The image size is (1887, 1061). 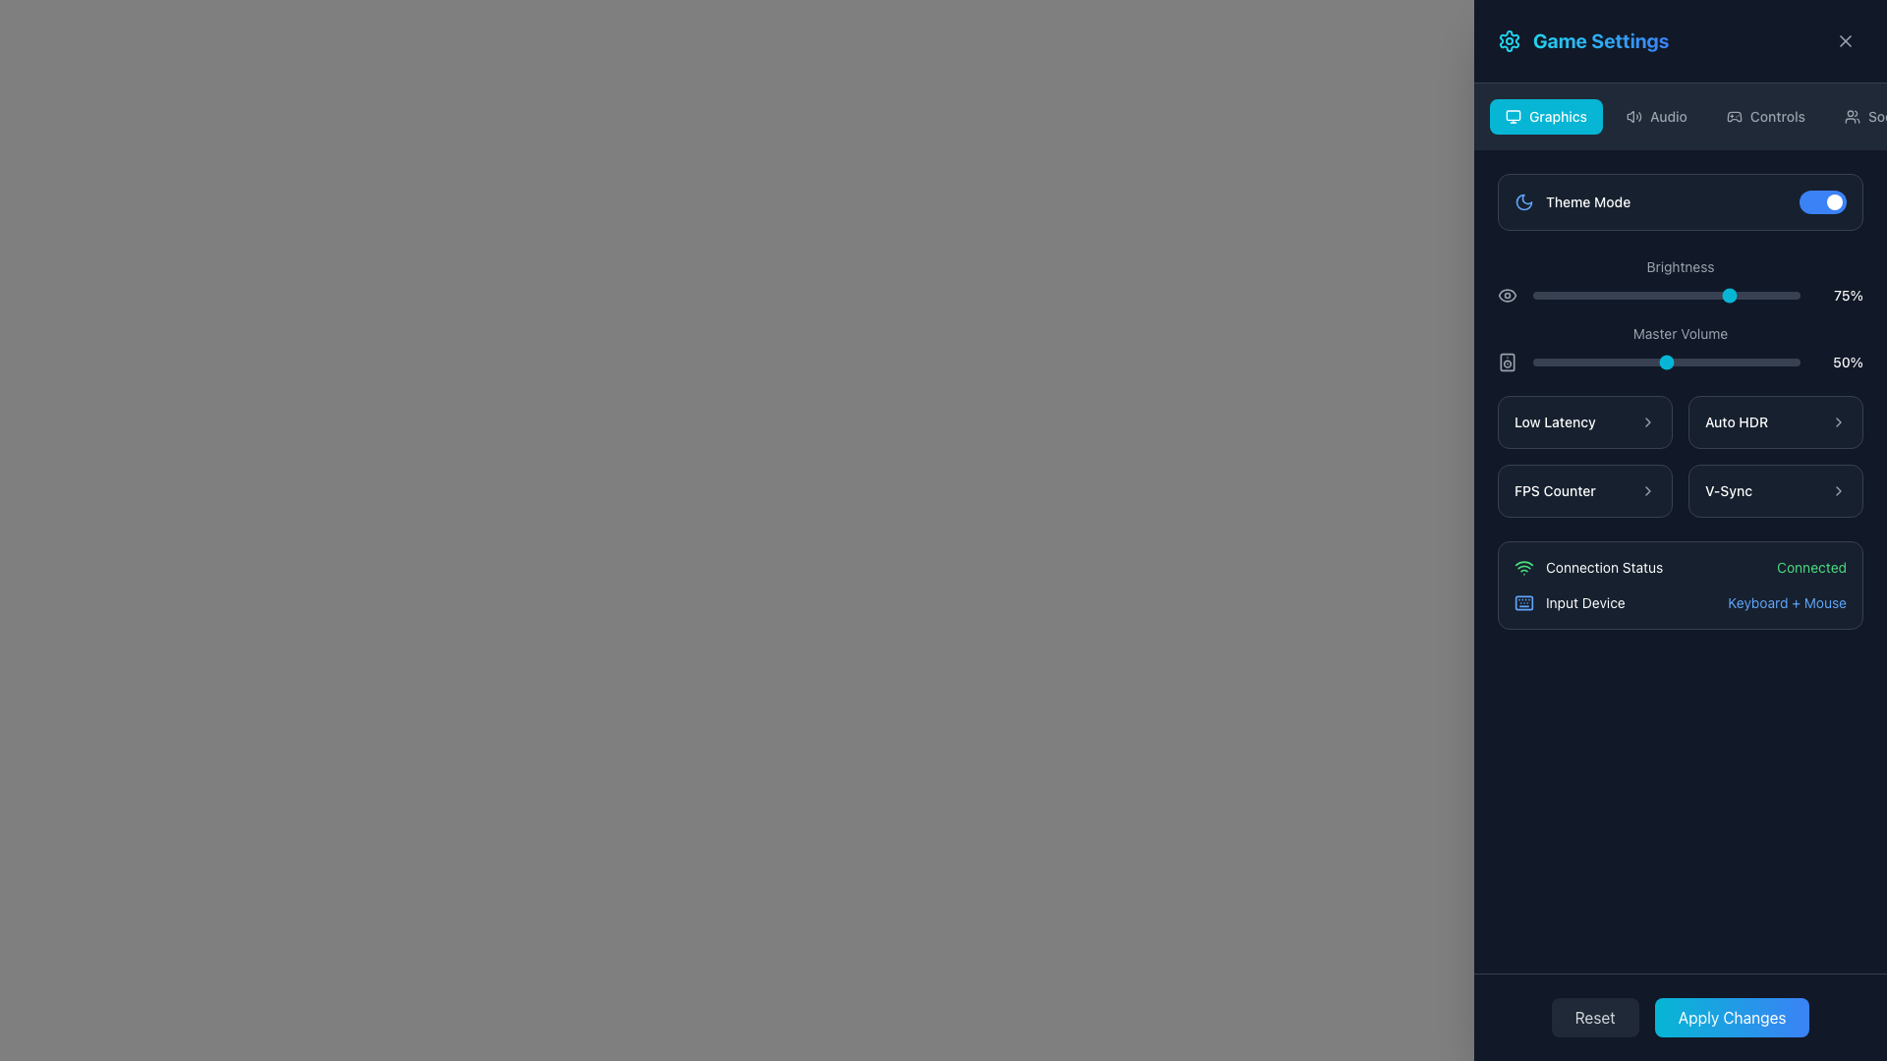 What do you see at coordinates (1790, 295) in the screenshot?
I see `the brightness` at bounding box center [1790, 295].